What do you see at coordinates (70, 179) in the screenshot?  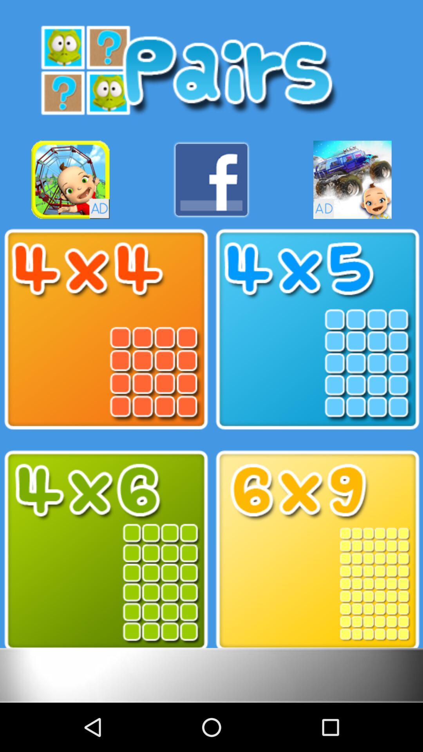 I see `advertising icon` at bounding box center [70, 179].